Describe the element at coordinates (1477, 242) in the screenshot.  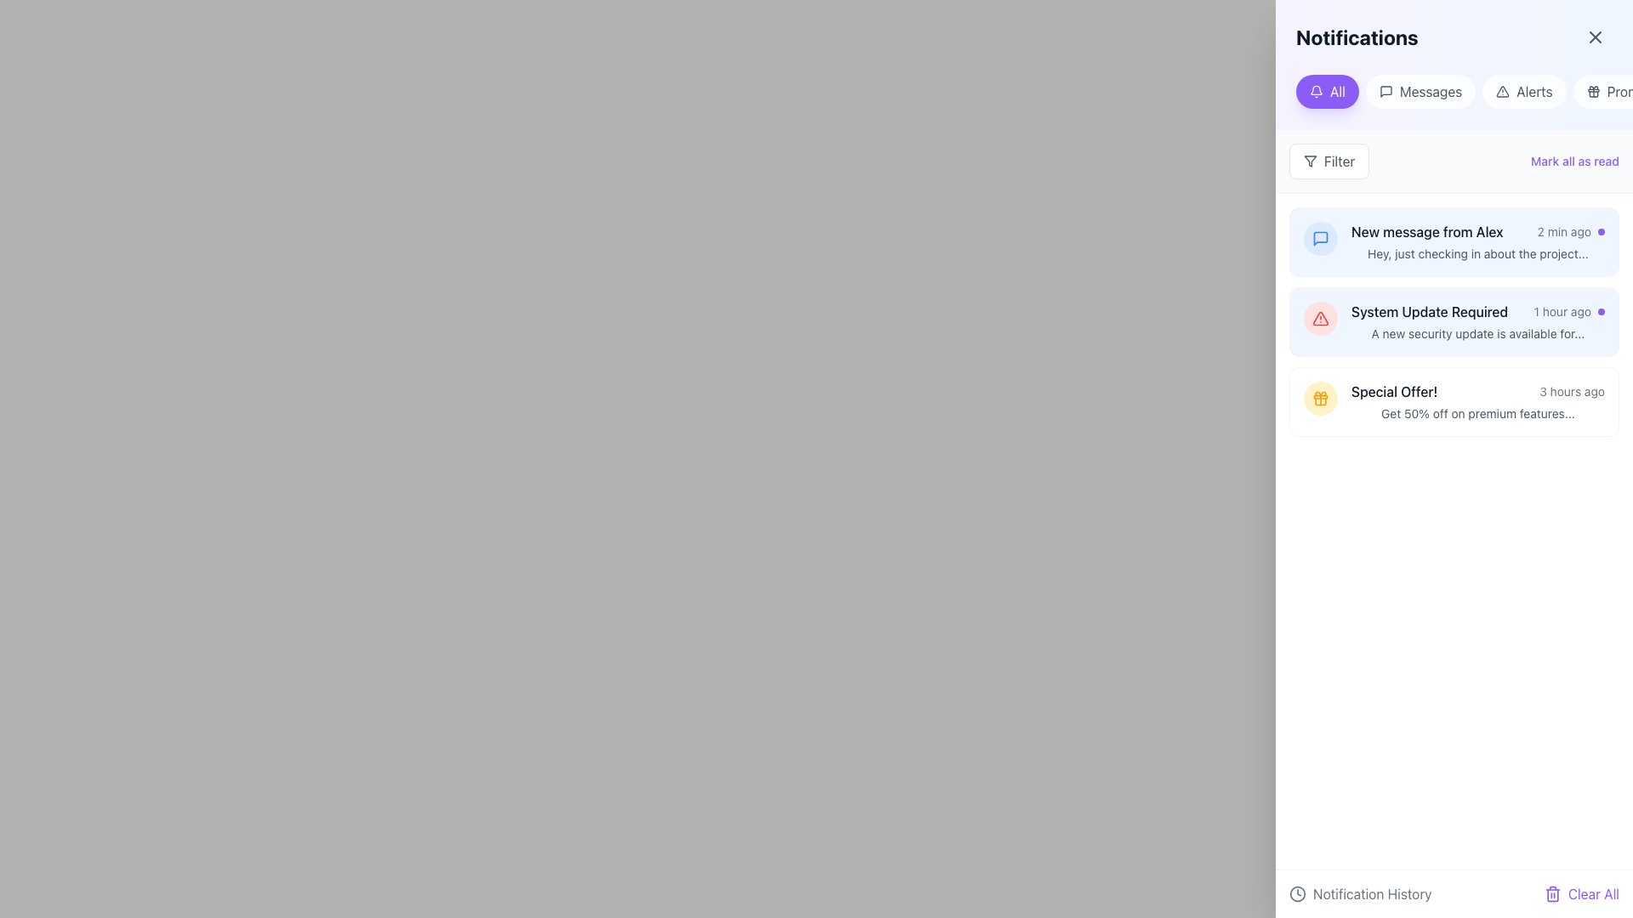
I see `the message notification item titled 'New message from Alex'` at that location.